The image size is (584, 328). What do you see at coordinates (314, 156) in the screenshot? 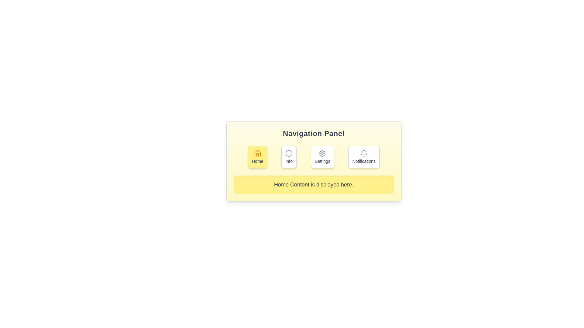
I see `a button within the Navigation bar by` at bounding box center [314, 156].